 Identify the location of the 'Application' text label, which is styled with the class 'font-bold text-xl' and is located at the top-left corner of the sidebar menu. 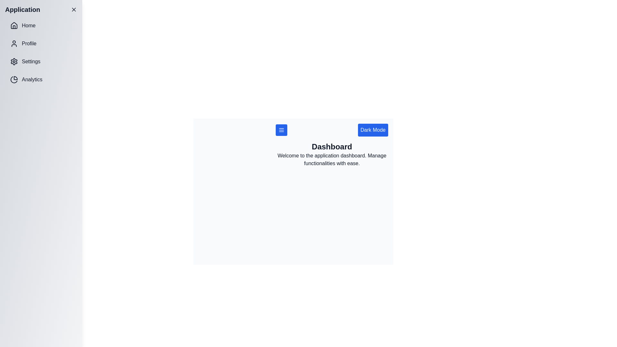
(22, 10).